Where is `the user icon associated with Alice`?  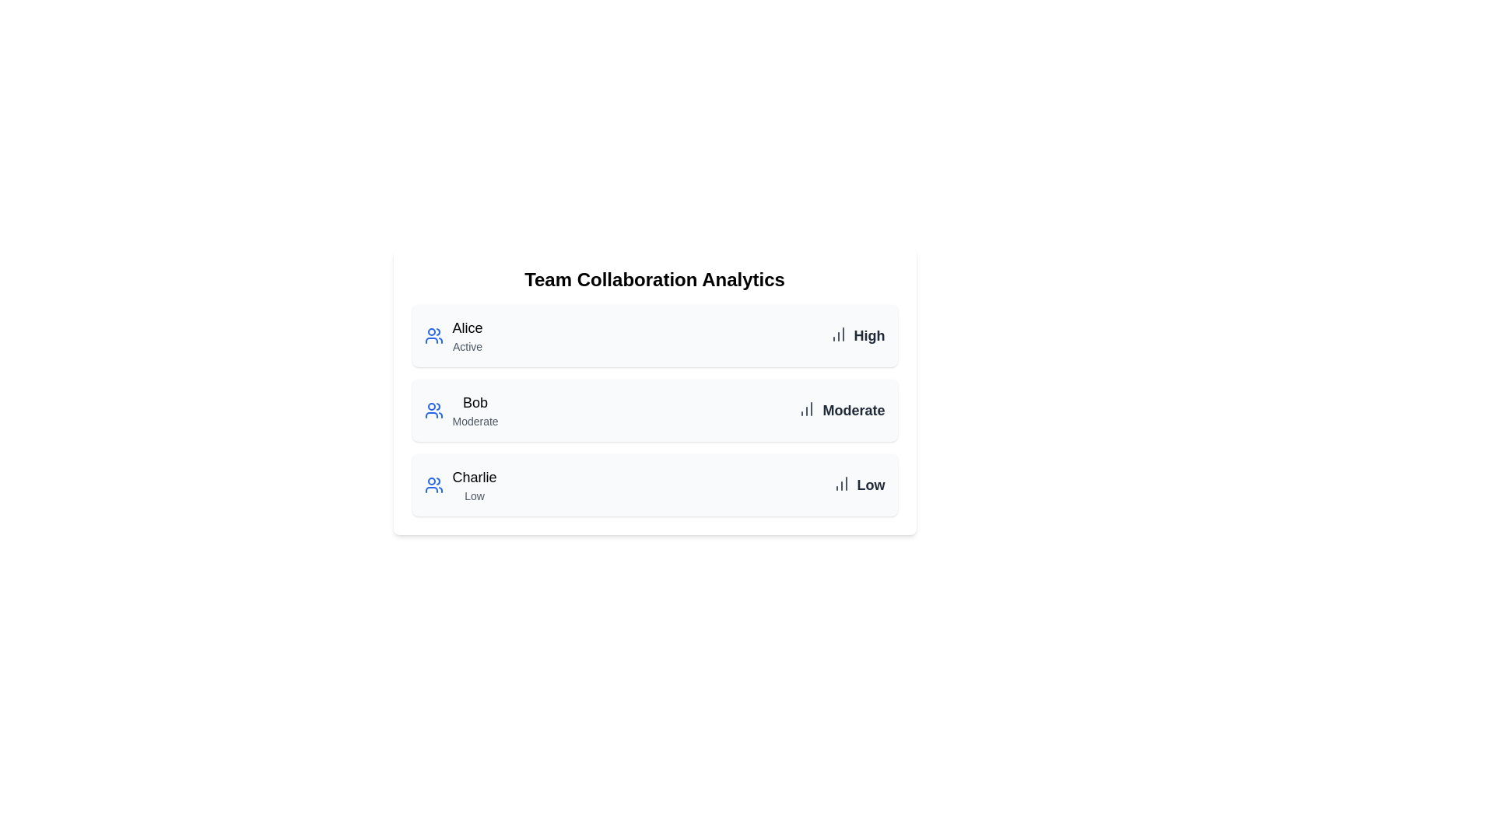
the user icon associated with Alice is located at coordinates (433, 335).